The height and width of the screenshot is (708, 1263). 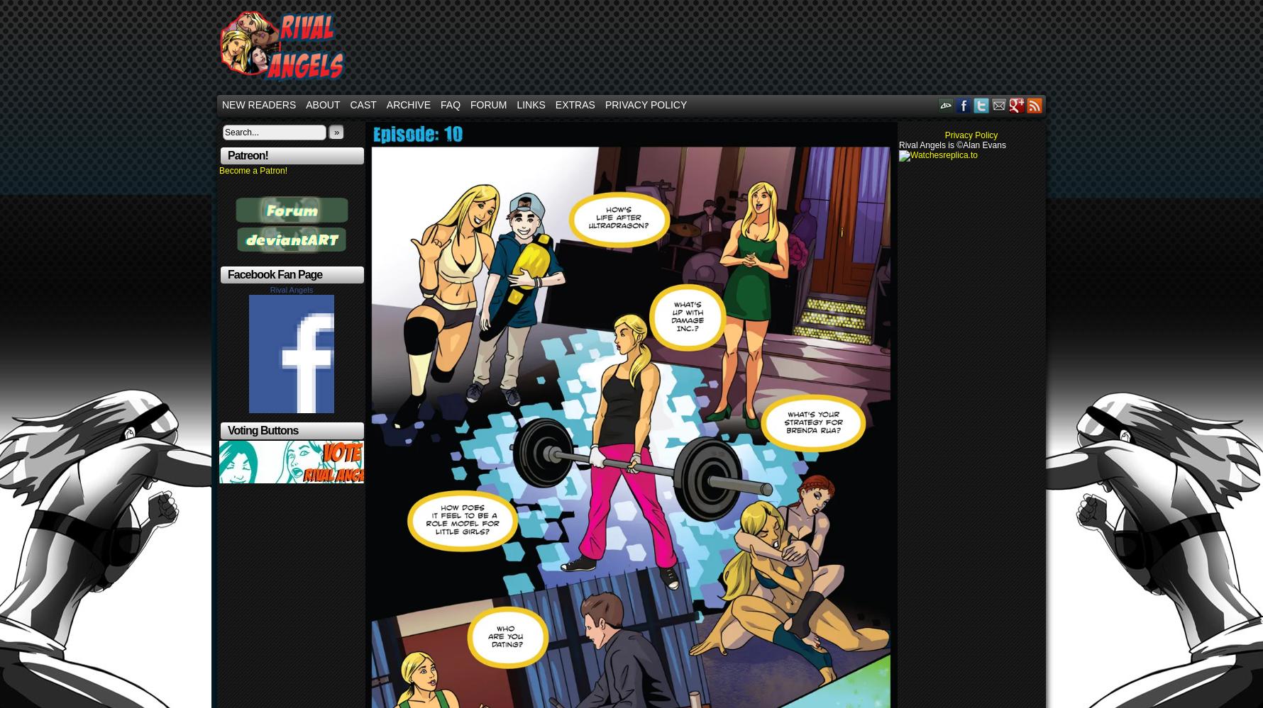 I want to click on 'FORUM', so click(x=487, y=104).